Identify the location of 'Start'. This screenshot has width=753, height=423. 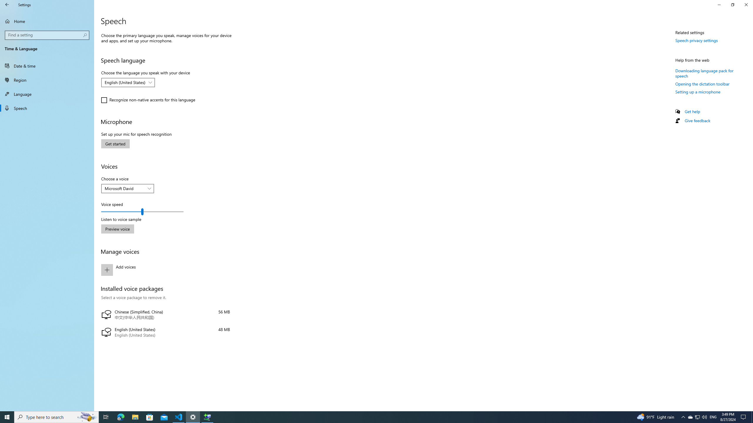
(7, 417).